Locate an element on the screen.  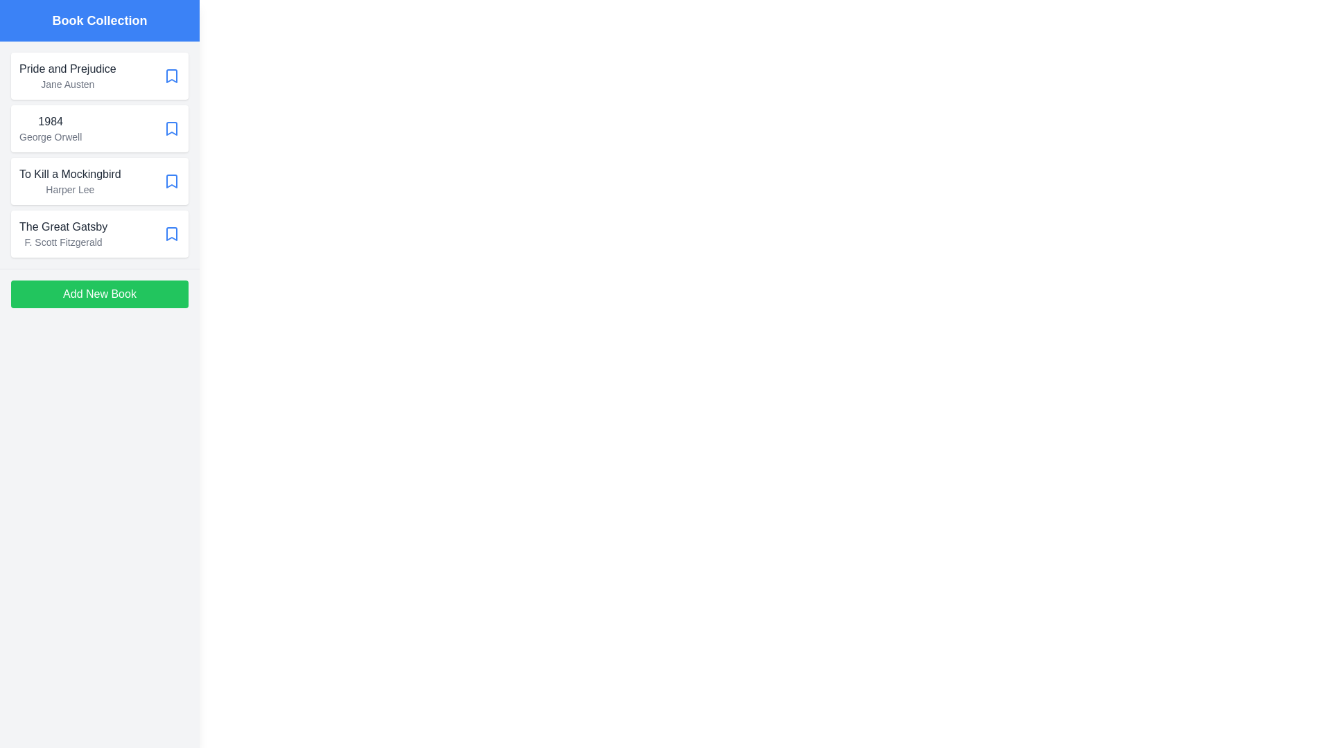
bookmark icon of the book titled 'Pride and Prejudice' to mark it as a favorite is located at coordinates (171, 76).